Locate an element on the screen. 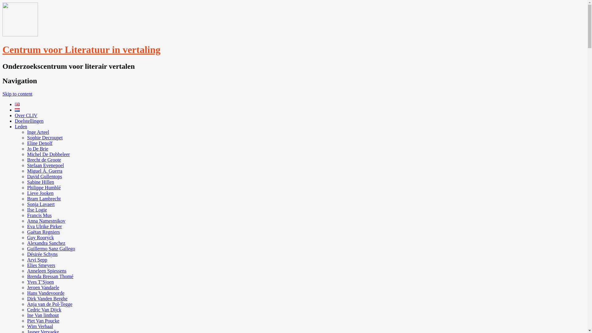 The height and width of the screenshot is (333, 592). 'Hans Vandevoorde' is located at coordinates (45, 293).